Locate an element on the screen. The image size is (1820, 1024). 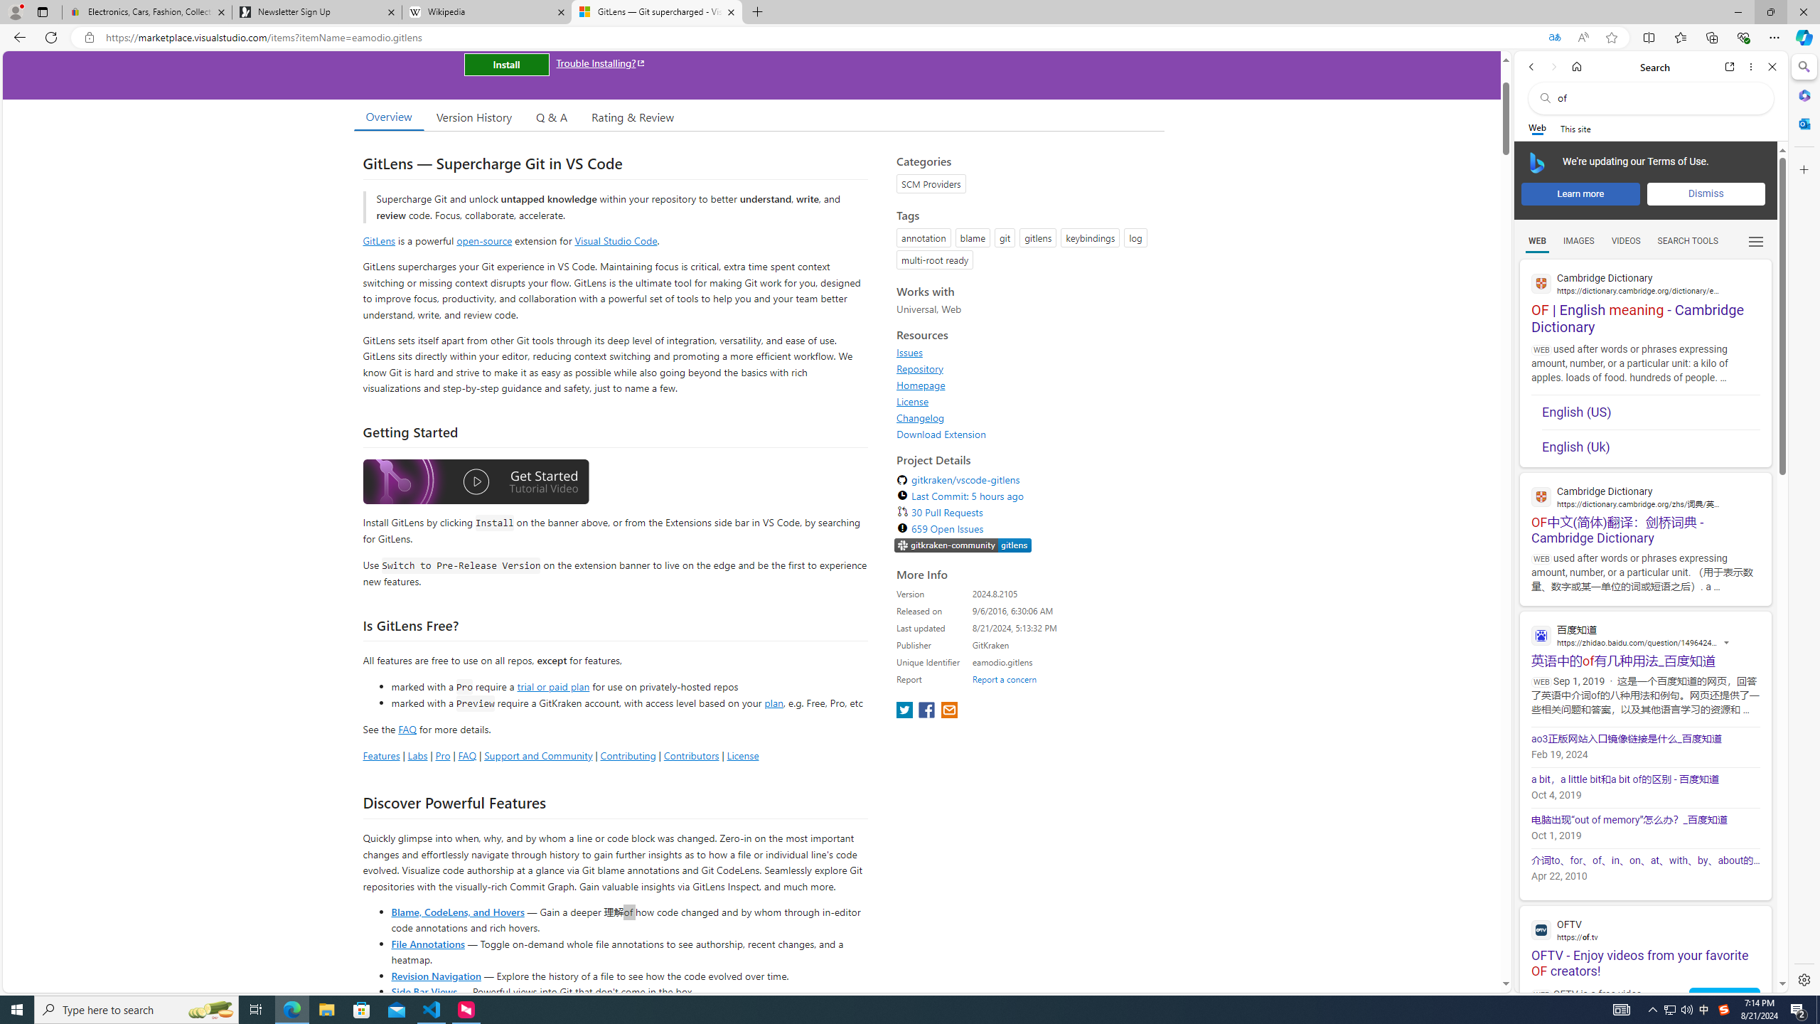
'https://slack.gitkraken.com//' is located at coordinates (962, 545).